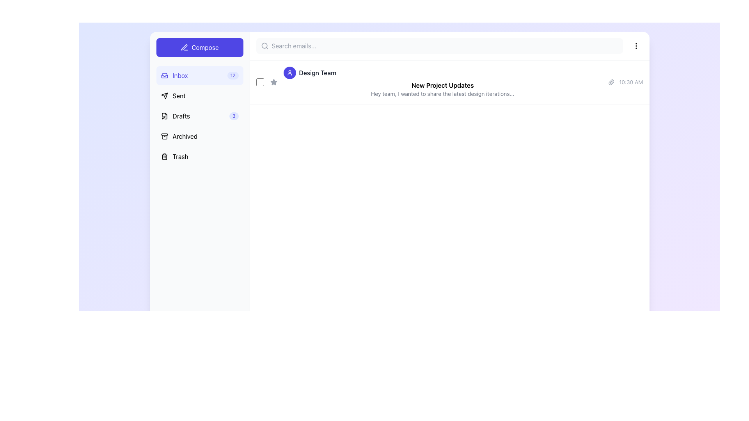 The image size is (749, 421). I want to click on the 'Drafts' navigation menu item, which features bold black text and a file icon with a pen, located in the left sidebar below 'Sent' and above 'Archived', so click(175, 116).